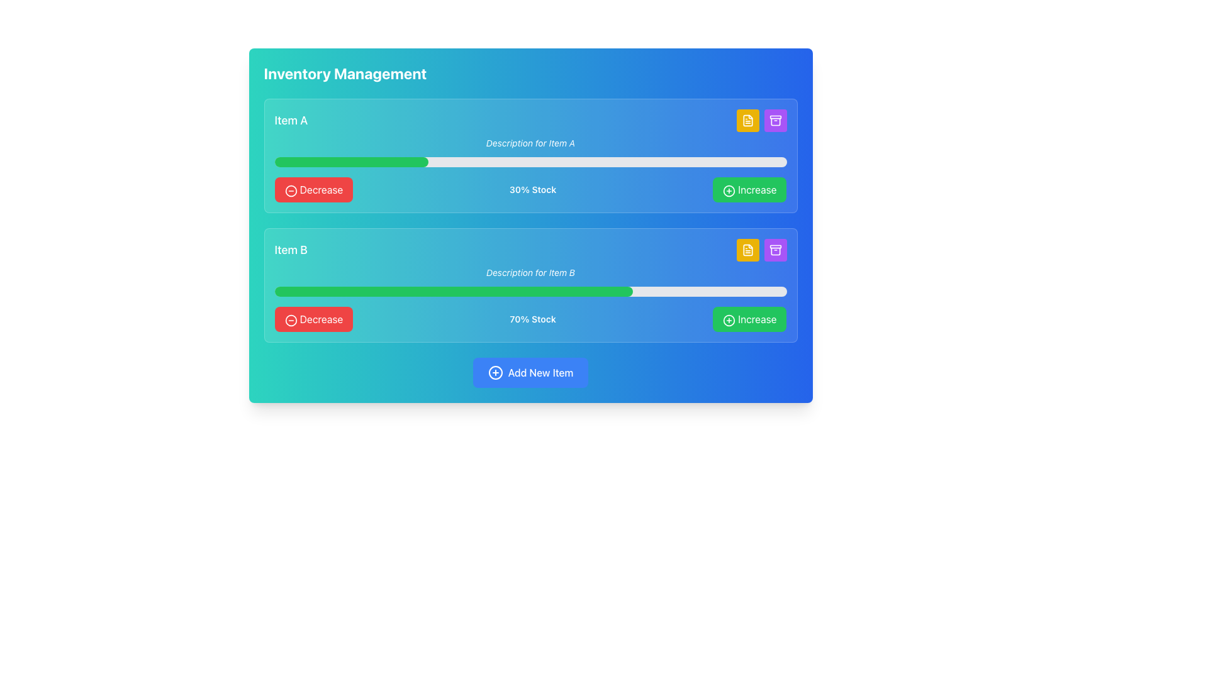 This screenshot has width=1208, height=679. Describe the element at coordinates (775, 250) in the screenshot. I see `the button located in the bottom-right corner of the interface for 'Item B' to archive or remove it` at that location.